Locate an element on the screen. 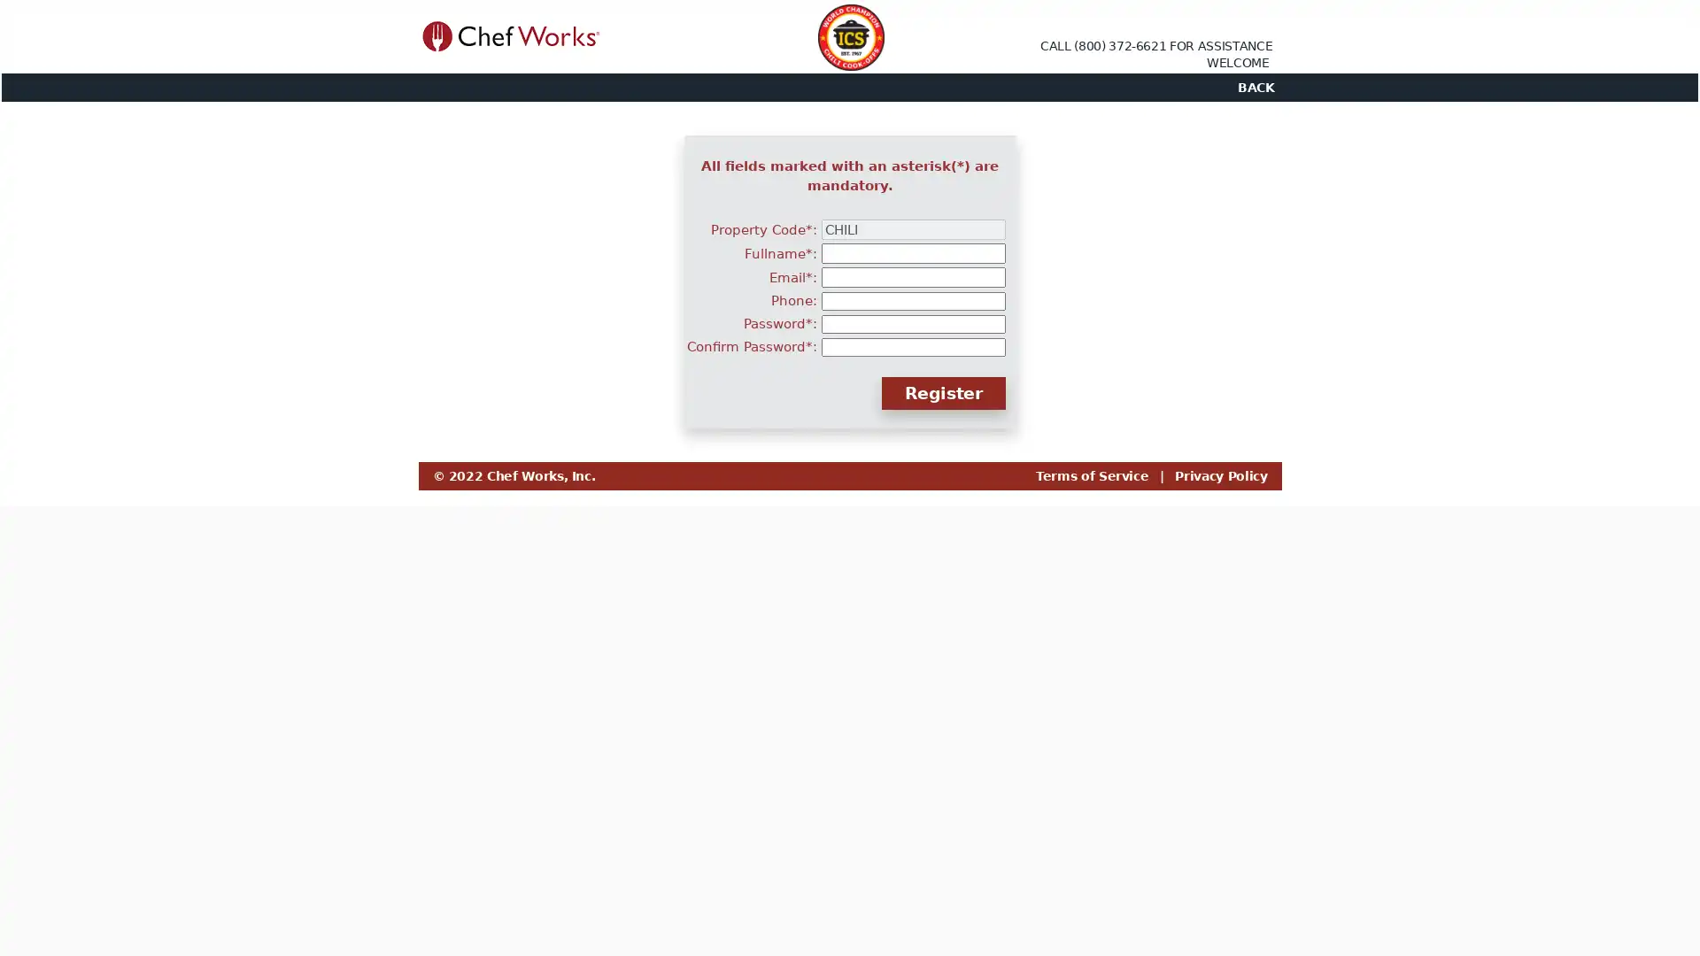 The image size is (1700, 956). Register is located at coordinates (942, 392).